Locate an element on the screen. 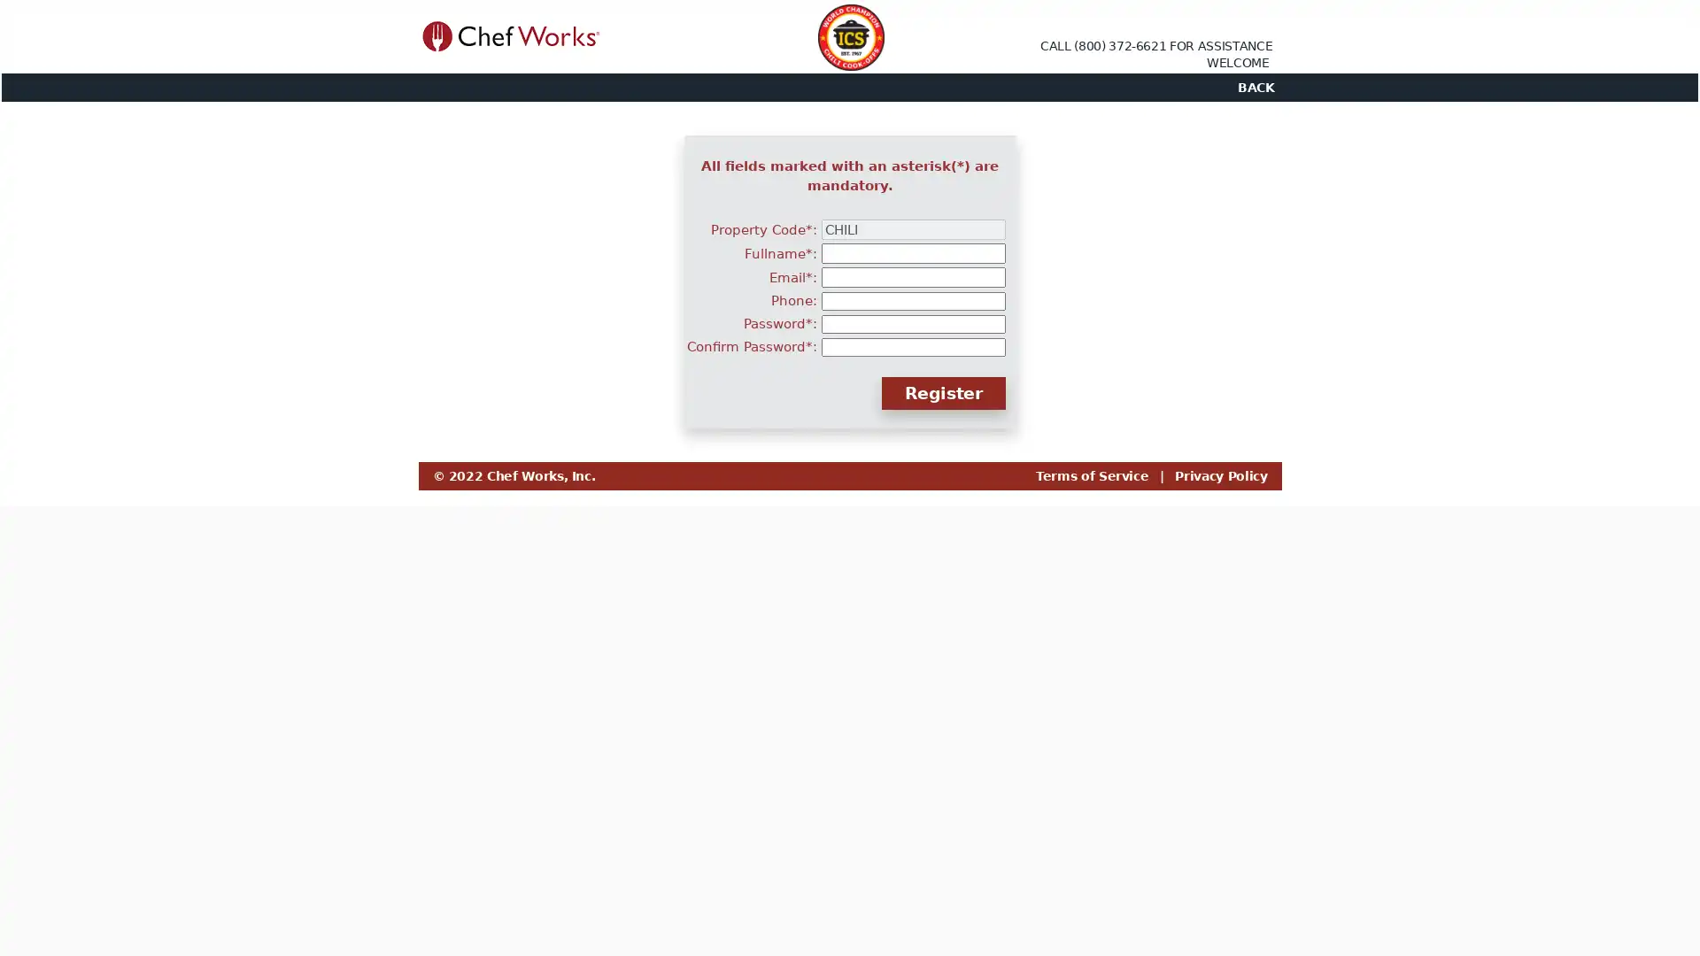 The image size is (1700, 956). Register is located at coordinates (942, 392).